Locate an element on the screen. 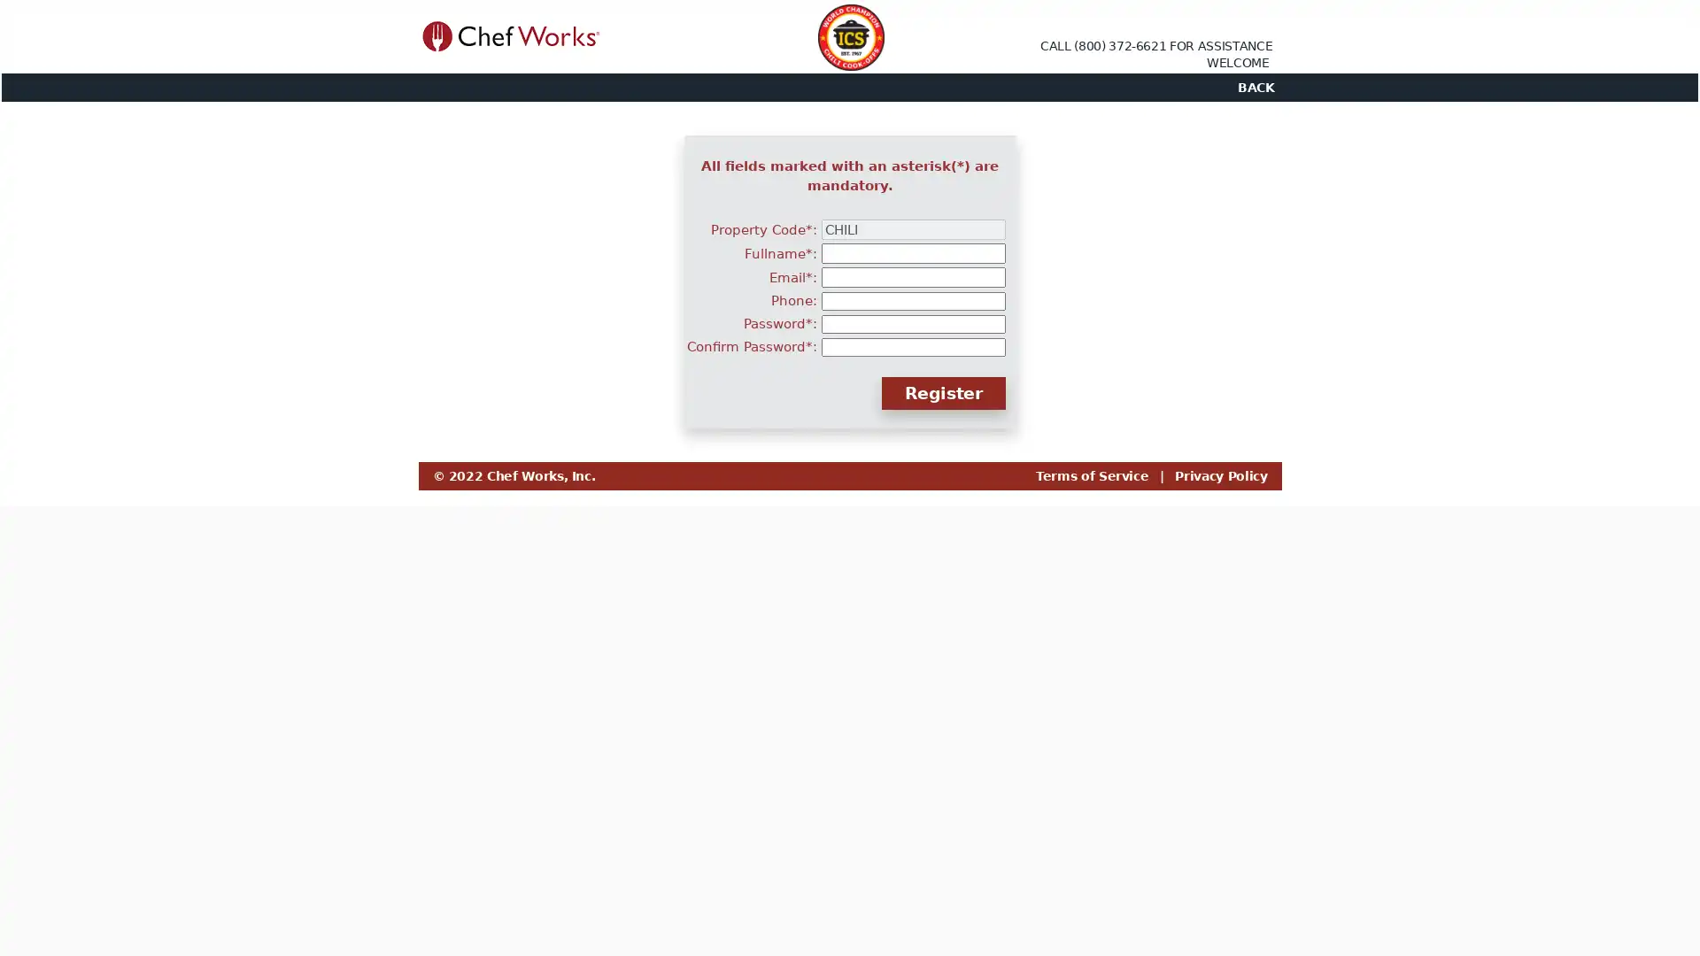 The image size is (1700, 956). Register is located at coordinates (942, 392).